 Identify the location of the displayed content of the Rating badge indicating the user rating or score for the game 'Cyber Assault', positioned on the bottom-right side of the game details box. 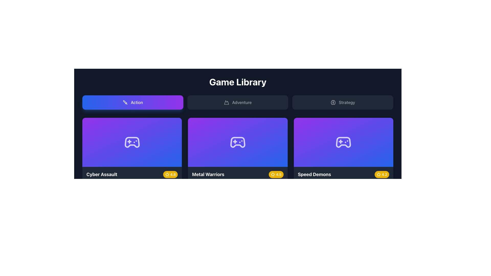
(170, 174).